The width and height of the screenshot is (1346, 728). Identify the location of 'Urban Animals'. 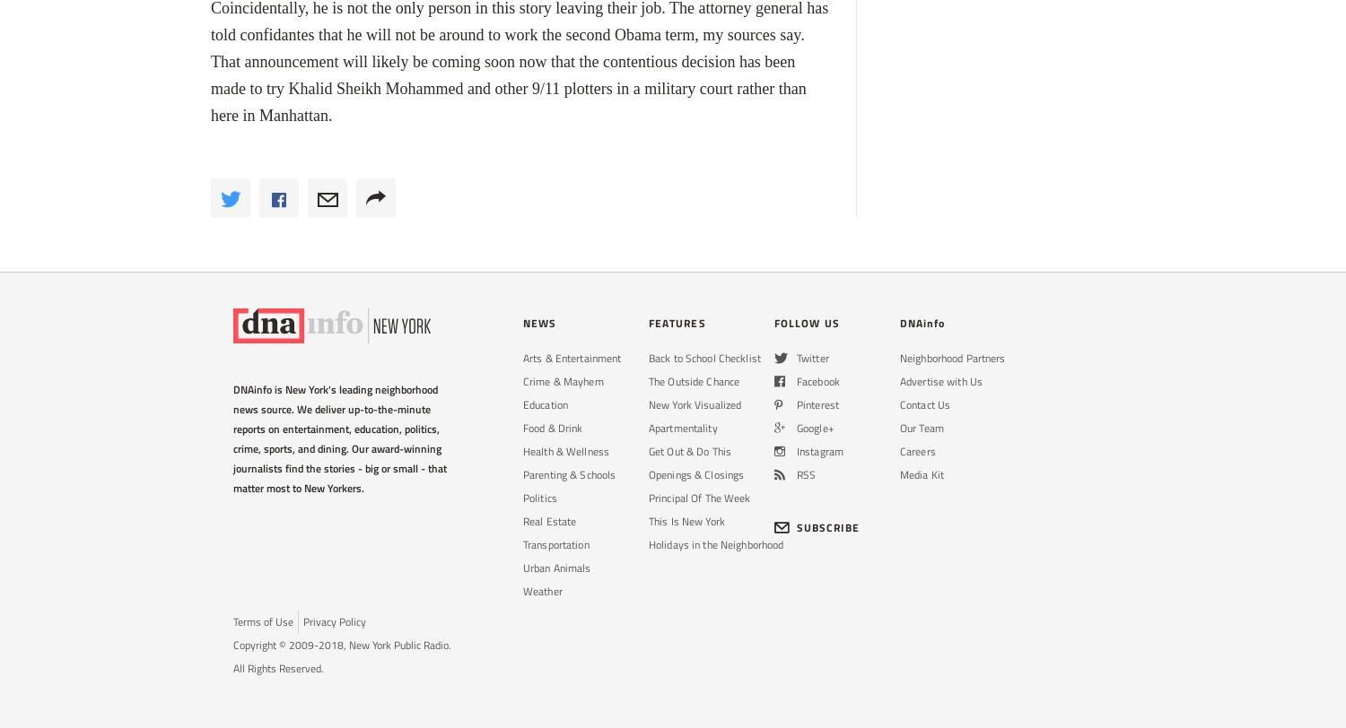
(555, 568).